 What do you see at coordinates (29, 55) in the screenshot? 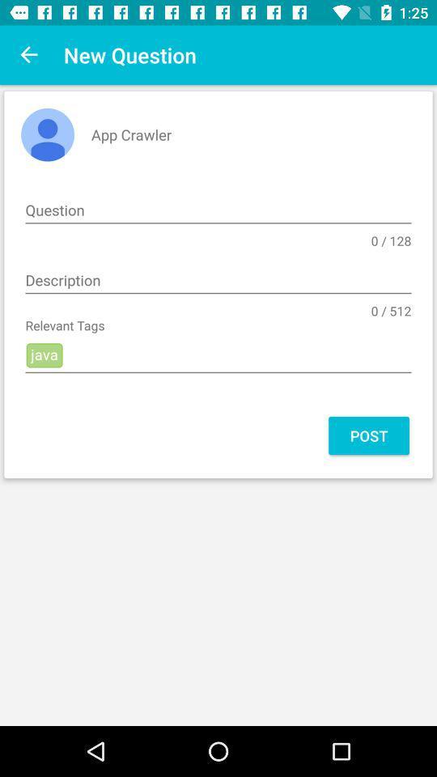
I see `the icon next to the new question icon` at bounding box center [29, 55].